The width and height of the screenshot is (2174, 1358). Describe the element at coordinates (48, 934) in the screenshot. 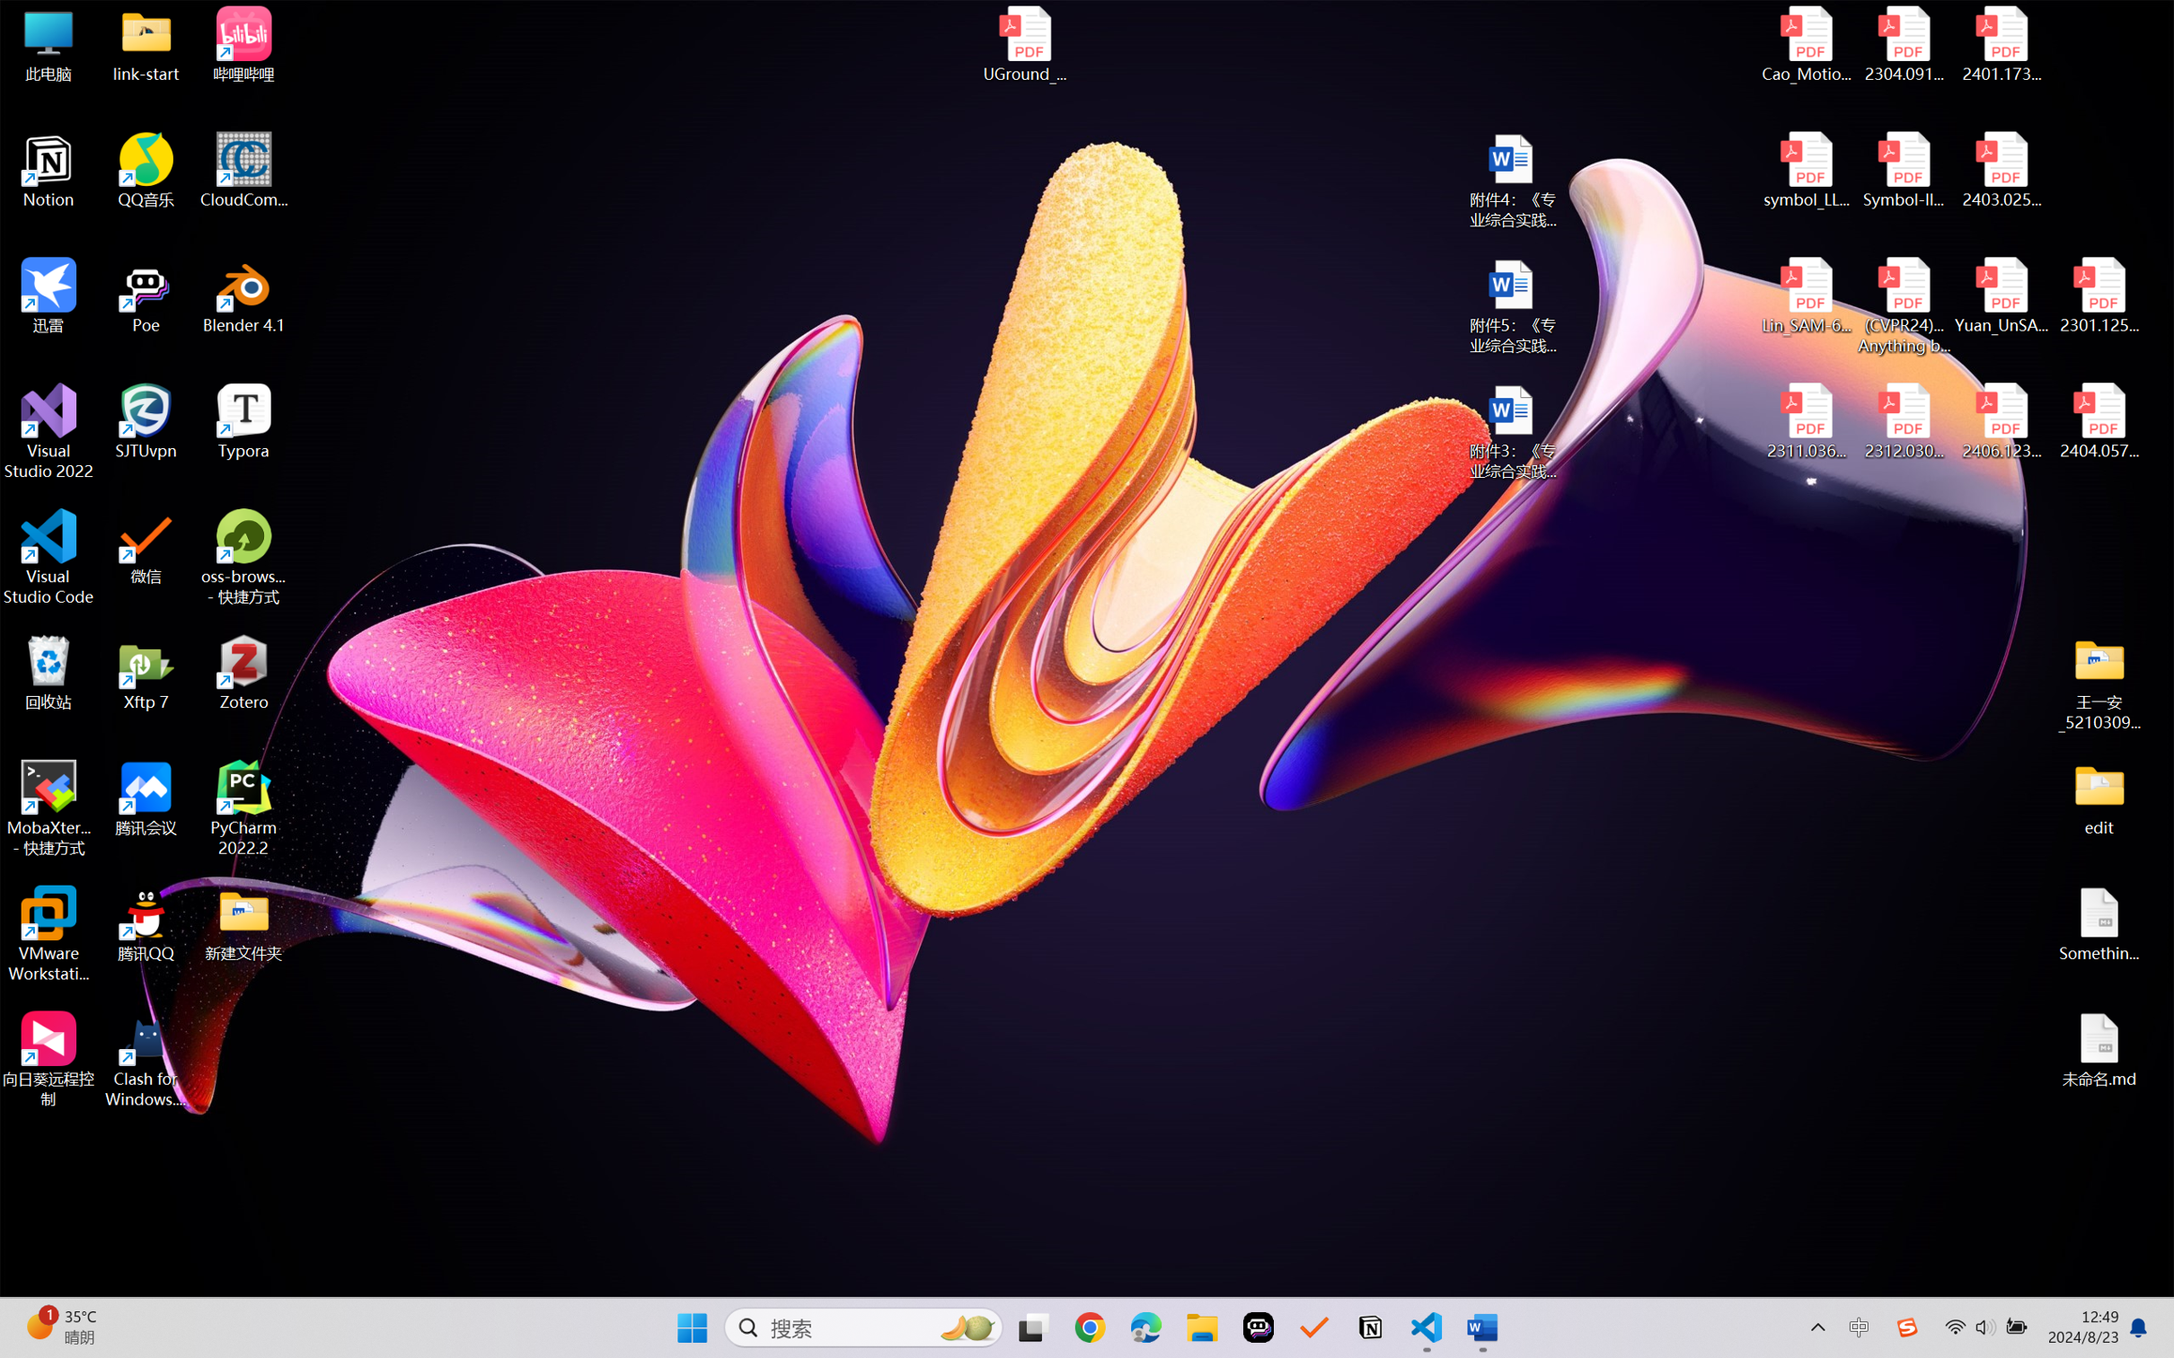

I see `'VMware Workstation Pro'` at that location.